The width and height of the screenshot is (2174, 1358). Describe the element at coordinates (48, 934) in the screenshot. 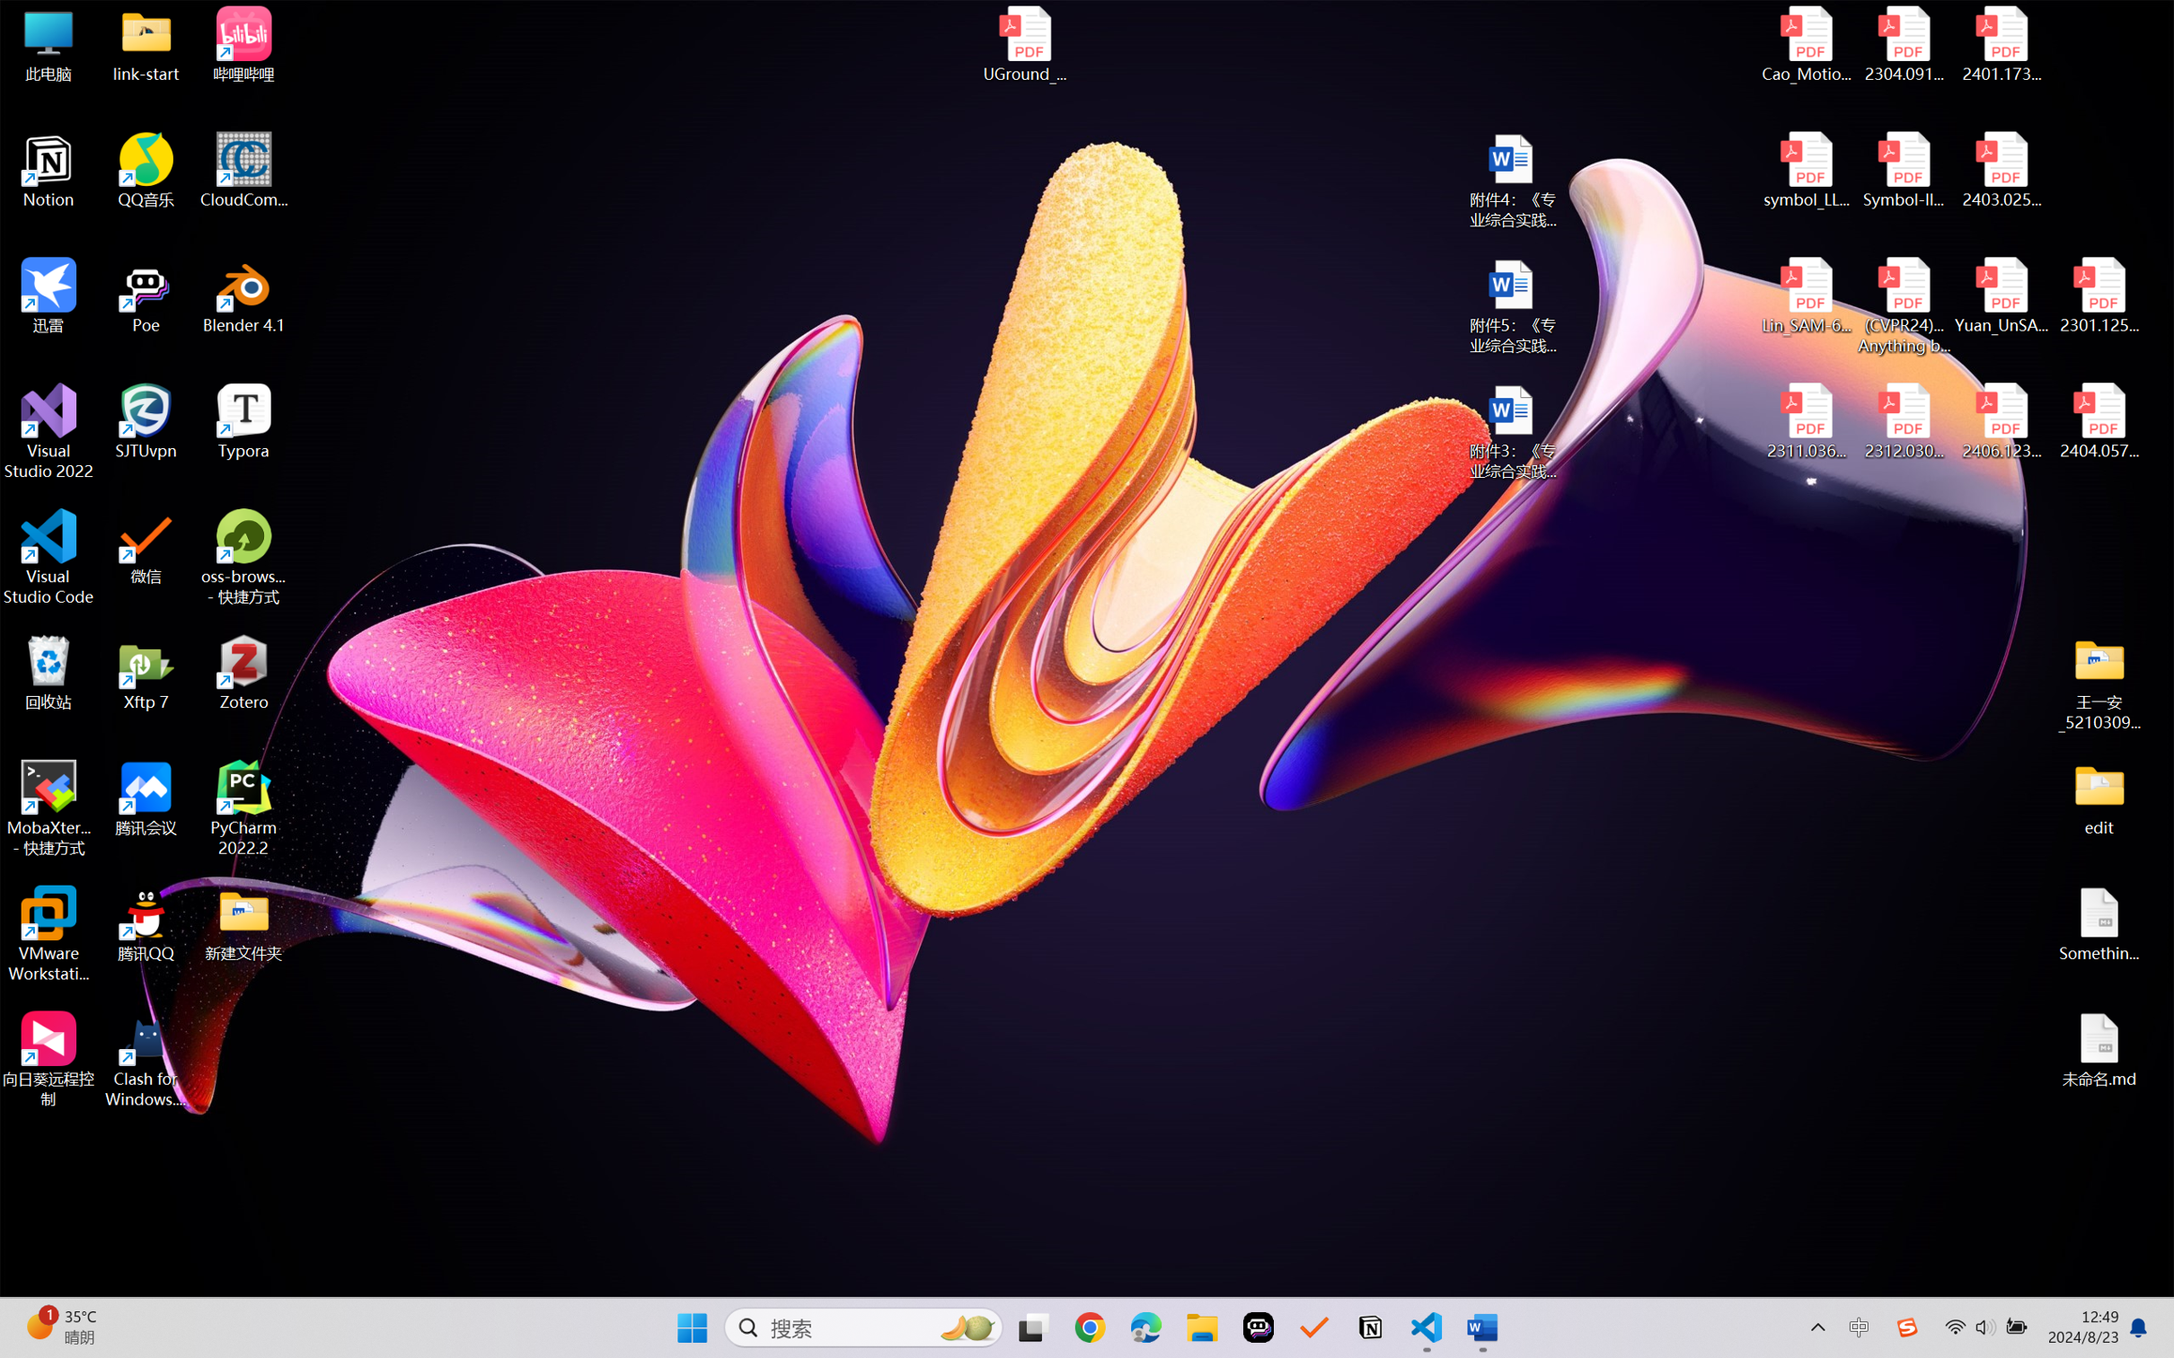

I see `'VMware Workstation Pro'` at that location.